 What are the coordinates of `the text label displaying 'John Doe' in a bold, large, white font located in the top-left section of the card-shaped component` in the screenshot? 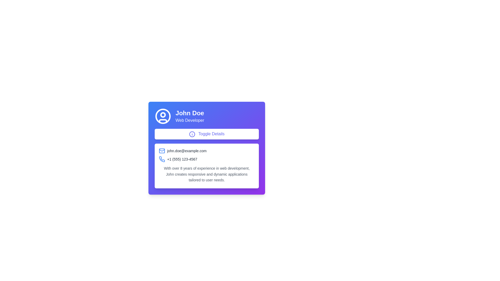 It's located at (190, 113).